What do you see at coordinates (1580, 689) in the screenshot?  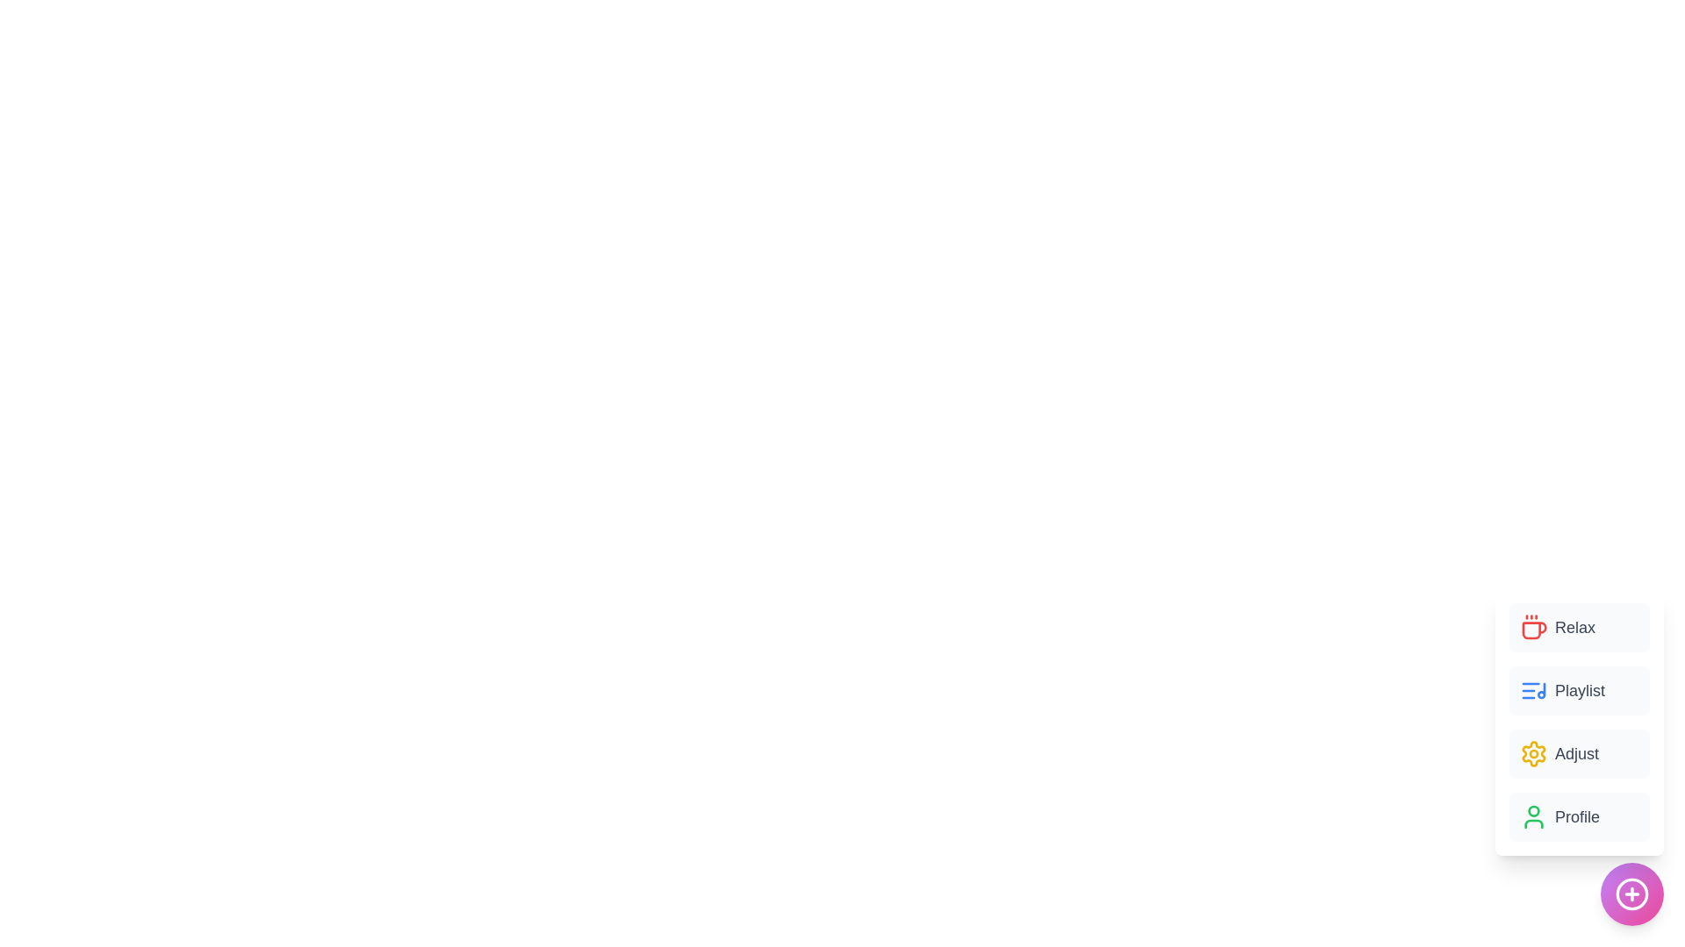 I see `the 'Playlist' button to select it` at bounding box center [1580, 689].